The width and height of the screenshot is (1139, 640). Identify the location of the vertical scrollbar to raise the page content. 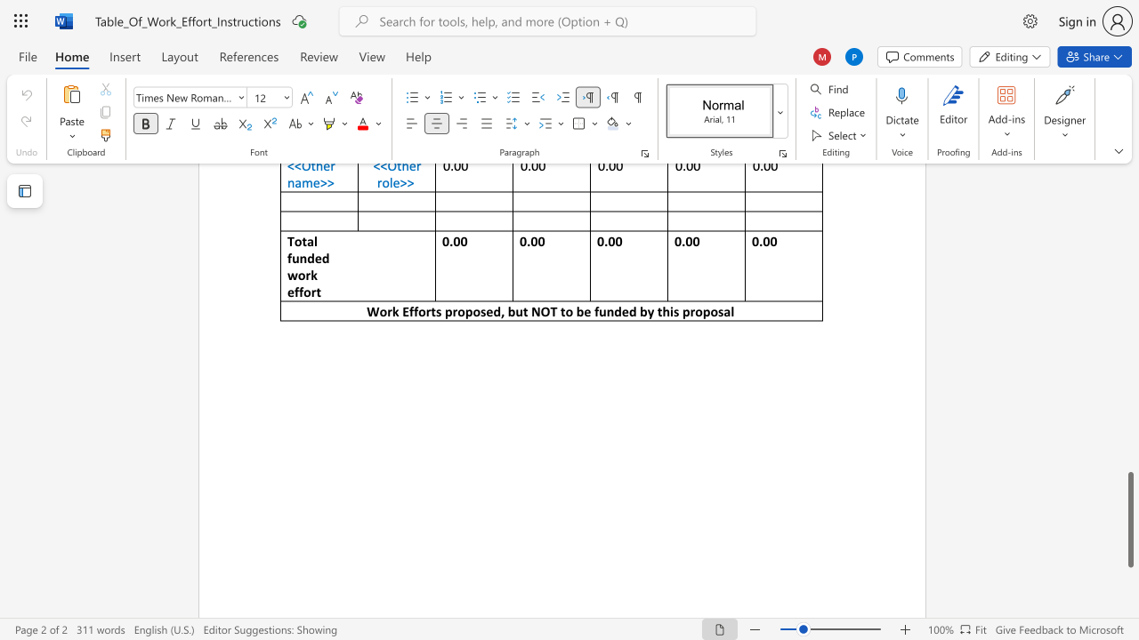
(1129, 258).